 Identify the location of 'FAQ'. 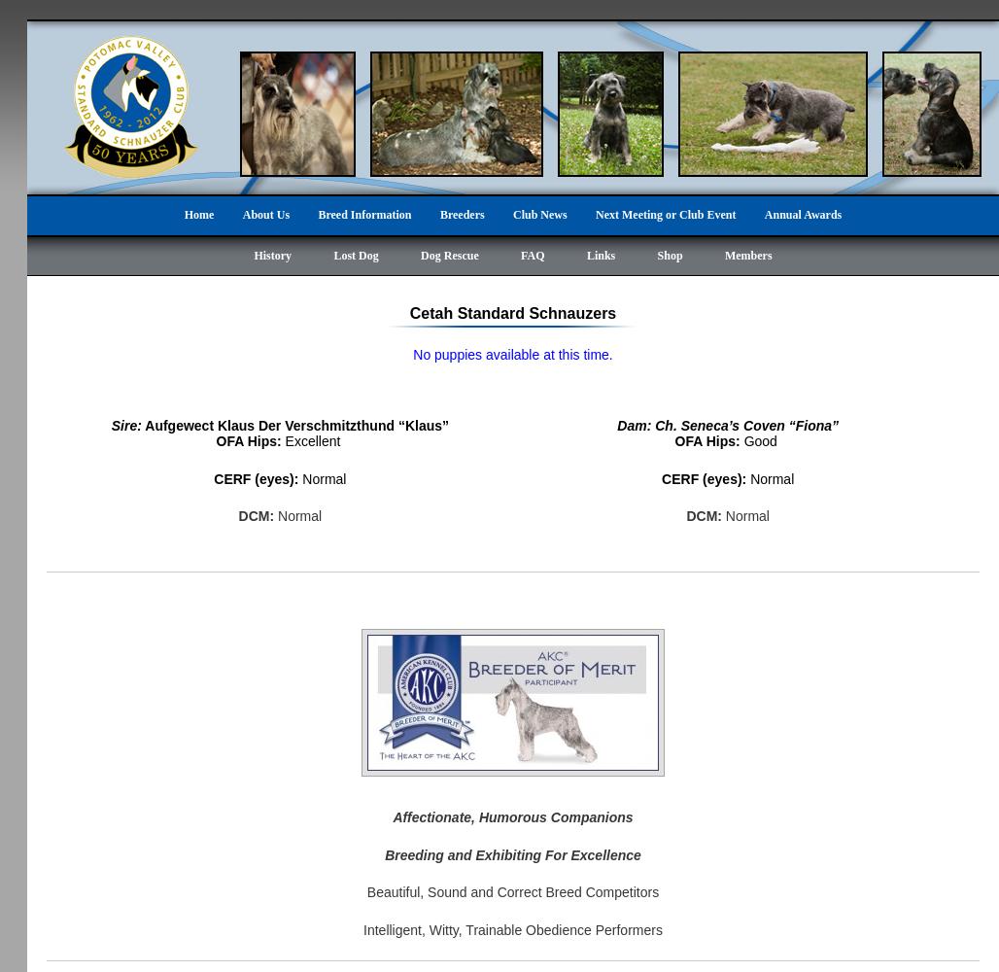
(520, 256).